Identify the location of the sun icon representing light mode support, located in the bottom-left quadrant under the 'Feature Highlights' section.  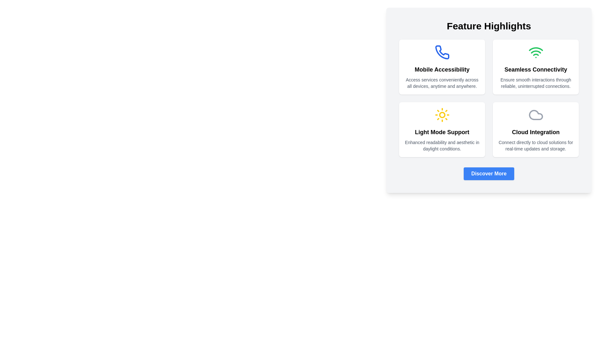
(442, 114).